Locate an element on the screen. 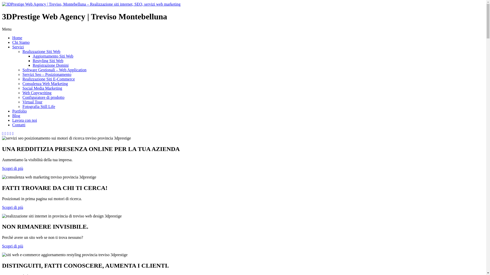 The image size is (490, 275). 'Restyling Siti Web' is located at coordinates (48, 60).